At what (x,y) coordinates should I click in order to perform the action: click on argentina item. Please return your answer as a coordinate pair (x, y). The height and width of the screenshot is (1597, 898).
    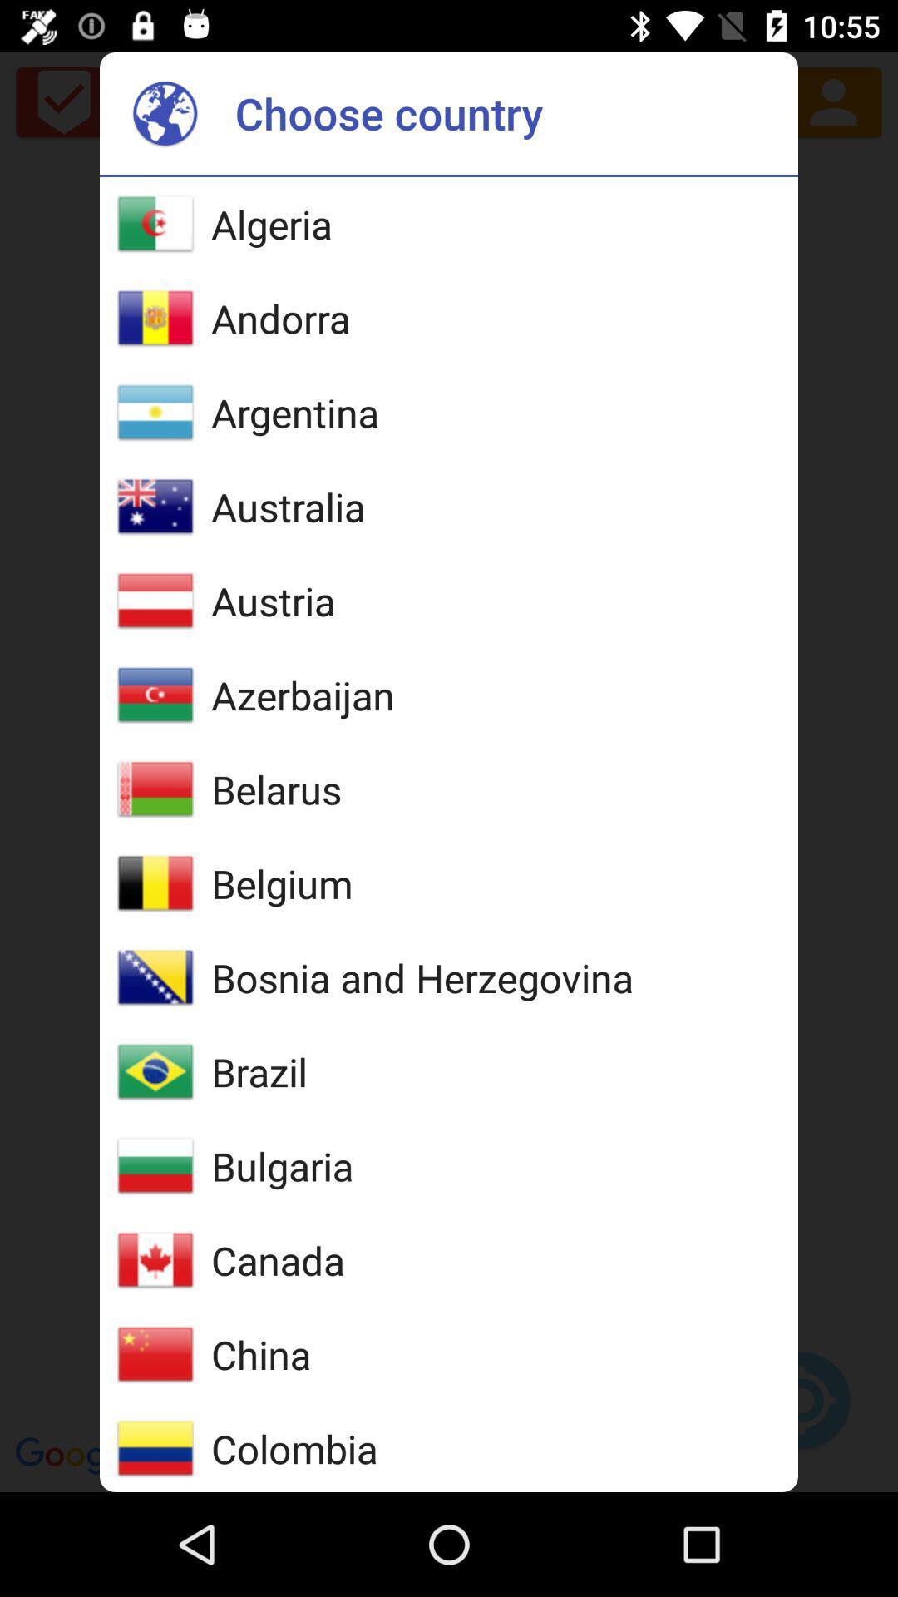
    Looking at the image, I should click on (294, 413).